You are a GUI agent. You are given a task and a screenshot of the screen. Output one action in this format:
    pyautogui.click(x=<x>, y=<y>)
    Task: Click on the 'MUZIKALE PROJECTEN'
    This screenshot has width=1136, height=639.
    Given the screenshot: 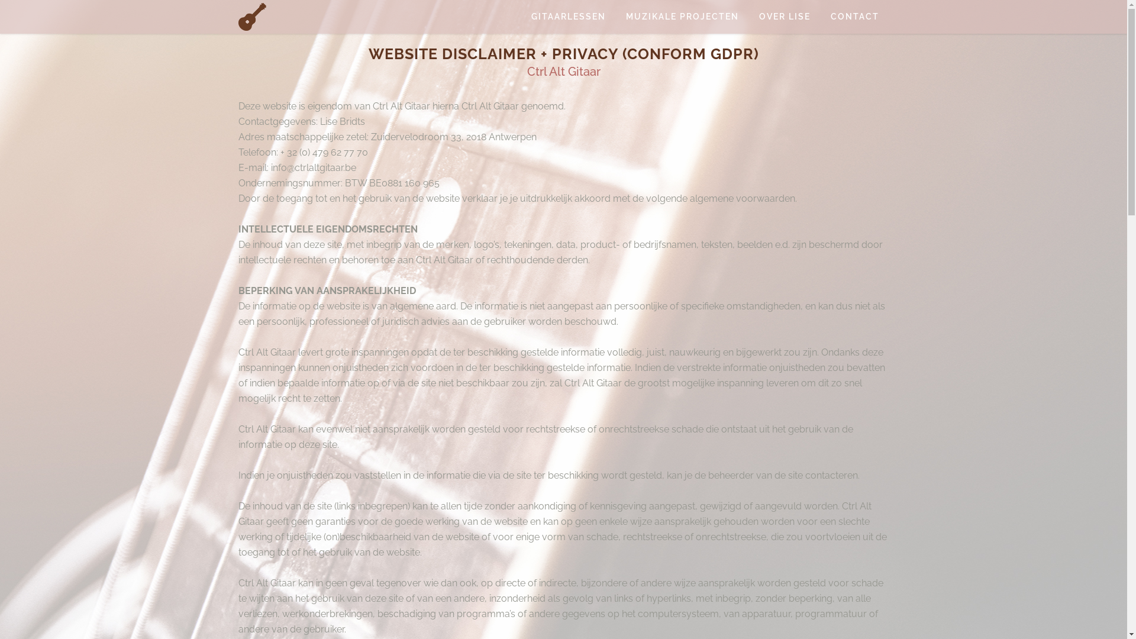 What is the action you would take?
    pyautogui.click(x=682, y=17)
    